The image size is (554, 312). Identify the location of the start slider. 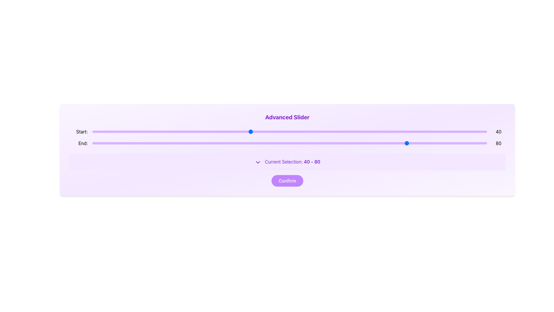
(388, 131).